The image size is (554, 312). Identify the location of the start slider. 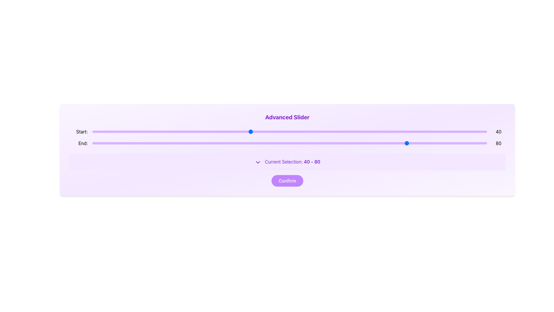
(388, 131).